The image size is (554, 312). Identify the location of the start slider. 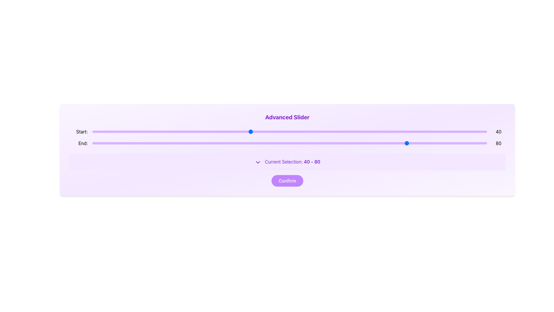
(388, 131).